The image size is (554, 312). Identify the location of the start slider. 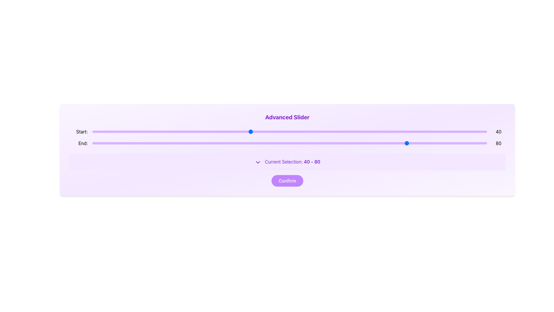
(388, 131).